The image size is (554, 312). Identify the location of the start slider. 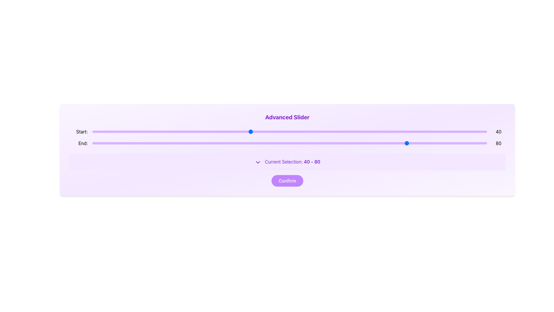
(388, 131).